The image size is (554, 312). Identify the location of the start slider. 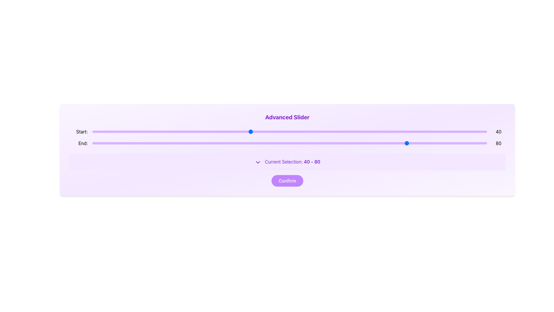
(388, 131).